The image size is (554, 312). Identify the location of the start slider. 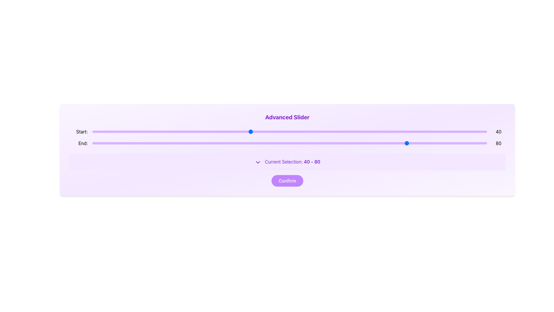
(388, 131).